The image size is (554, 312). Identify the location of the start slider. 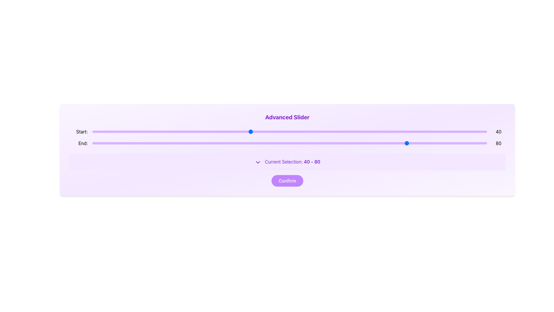
(388, 131).